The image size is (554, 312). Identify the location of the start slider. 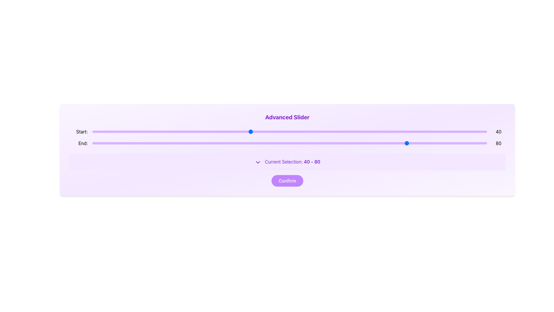
(388, 131).